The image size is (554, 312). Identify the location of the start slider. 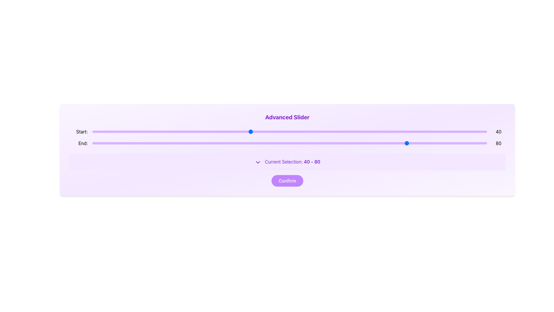
(388, 131).